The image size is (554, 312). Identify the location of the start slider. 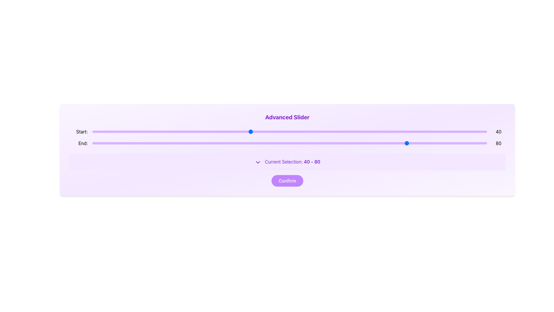
(388, 131).